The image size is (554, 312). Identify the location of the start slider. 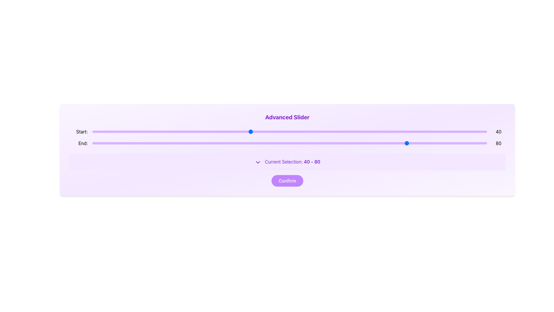
(388, 131).